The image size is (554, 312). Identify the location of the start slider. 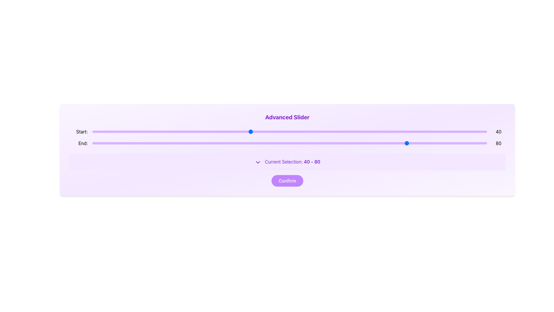
(388, 131).